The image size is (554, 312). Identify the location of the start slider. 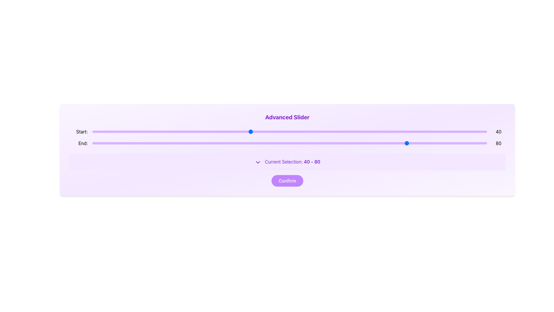
(388, 131).